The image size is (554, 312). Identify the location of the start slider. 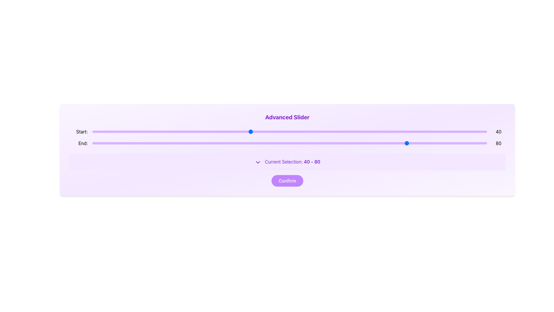
(388, 131).